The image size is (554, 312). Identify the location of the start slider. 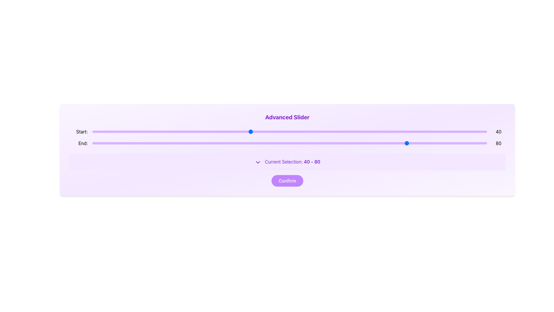
(388, 131).